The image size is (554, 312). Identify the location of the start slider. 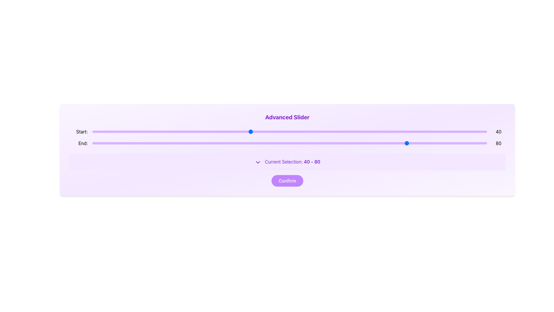
(388, 131).